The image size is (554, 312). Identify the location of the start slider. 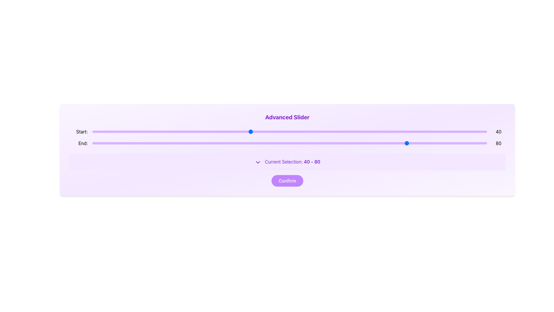
(388, 131).